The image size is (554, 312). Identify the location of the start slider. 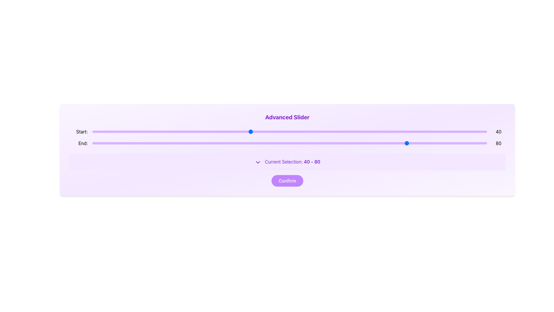
(388, 131).